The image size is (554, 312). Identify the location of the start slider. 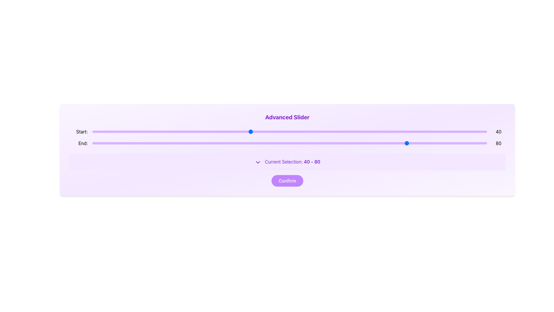
(388, 131).